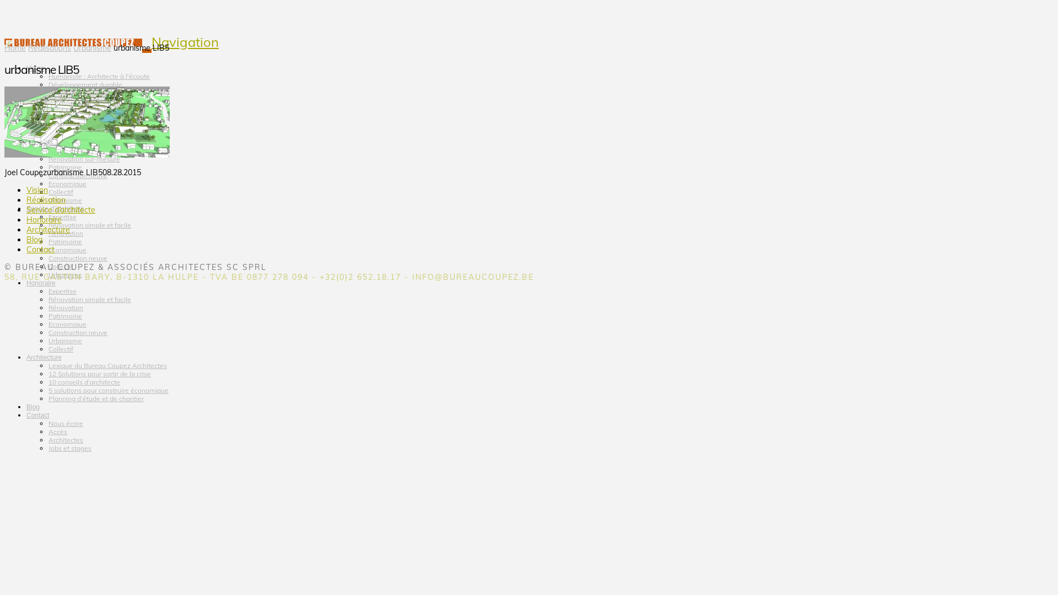 This screenshot has height=595, width=1058. Describe the element at coordinates (35, 58) in the screenshot. I see `'Vision'` at that location.